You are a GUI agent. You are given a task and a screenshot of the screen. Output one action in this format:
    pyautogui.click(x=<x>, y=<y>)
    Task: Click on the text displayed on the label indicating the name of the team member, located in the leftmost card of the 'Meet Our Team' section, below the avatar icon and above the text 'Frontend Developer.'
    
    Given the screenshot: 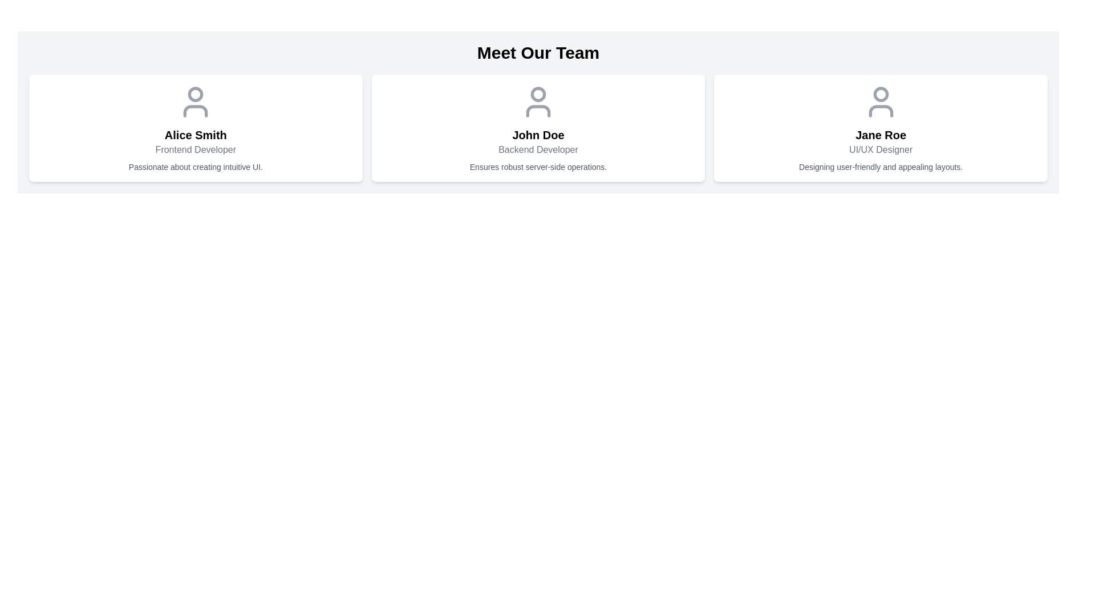 What is the action you would take?
    pyautogui.click(x=196, y=134)
    